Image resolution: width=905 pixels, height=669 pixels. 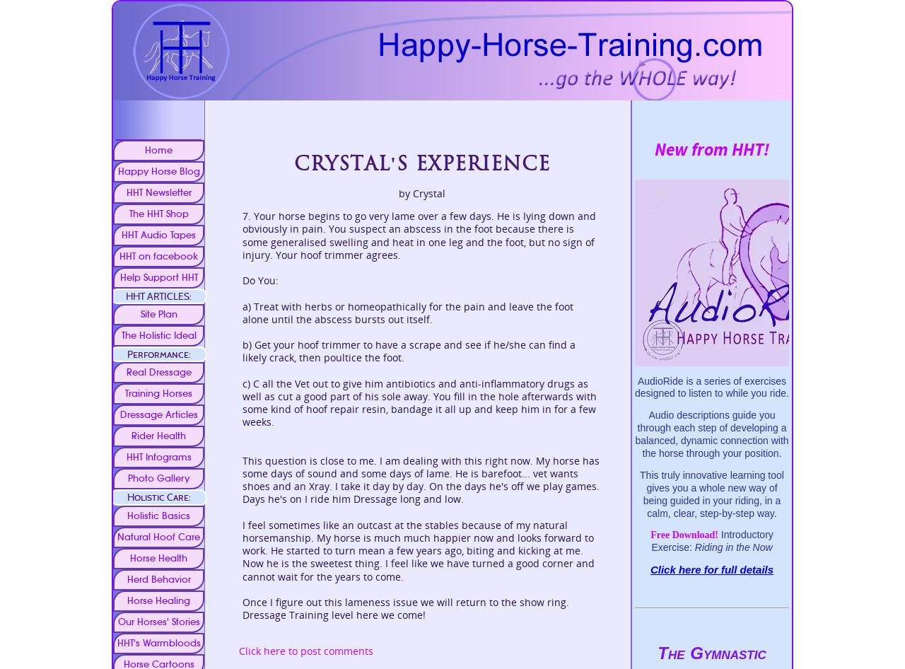 What do you see at coordinates (158, 372) in the screenshot?
I see `'Real Dressage'` at bounding box center [158, 372].